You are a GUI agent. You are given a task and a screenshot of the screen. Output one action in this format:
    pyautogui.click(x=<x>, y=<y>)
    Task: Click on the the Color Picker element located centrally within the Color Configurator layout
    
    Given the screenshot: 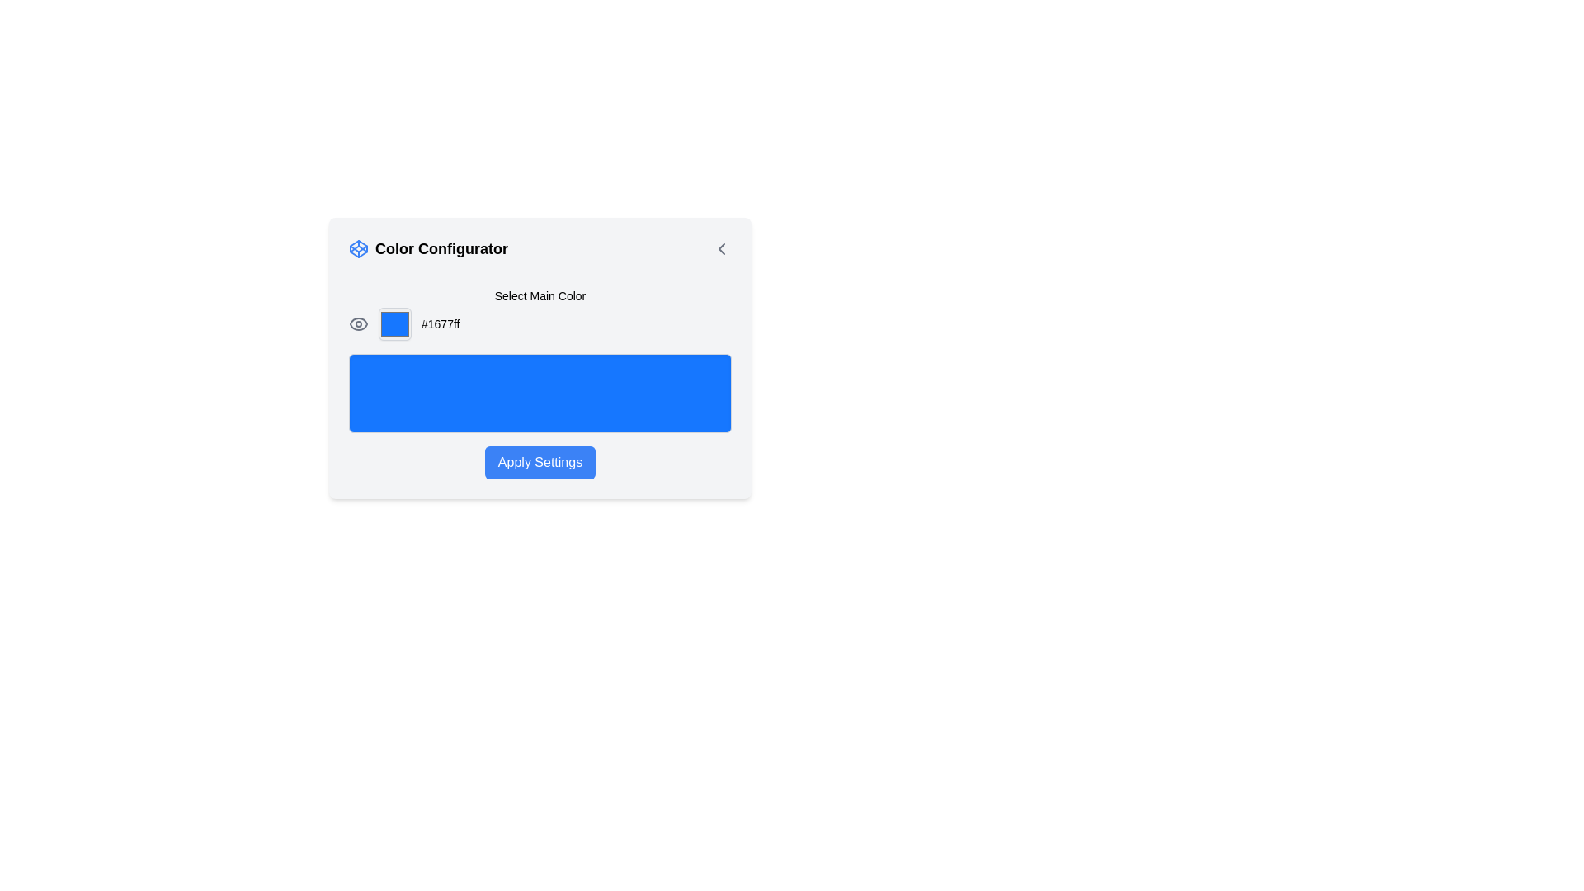 What is the action you would take?
    pyautogui.click(x=394, y=324)
    